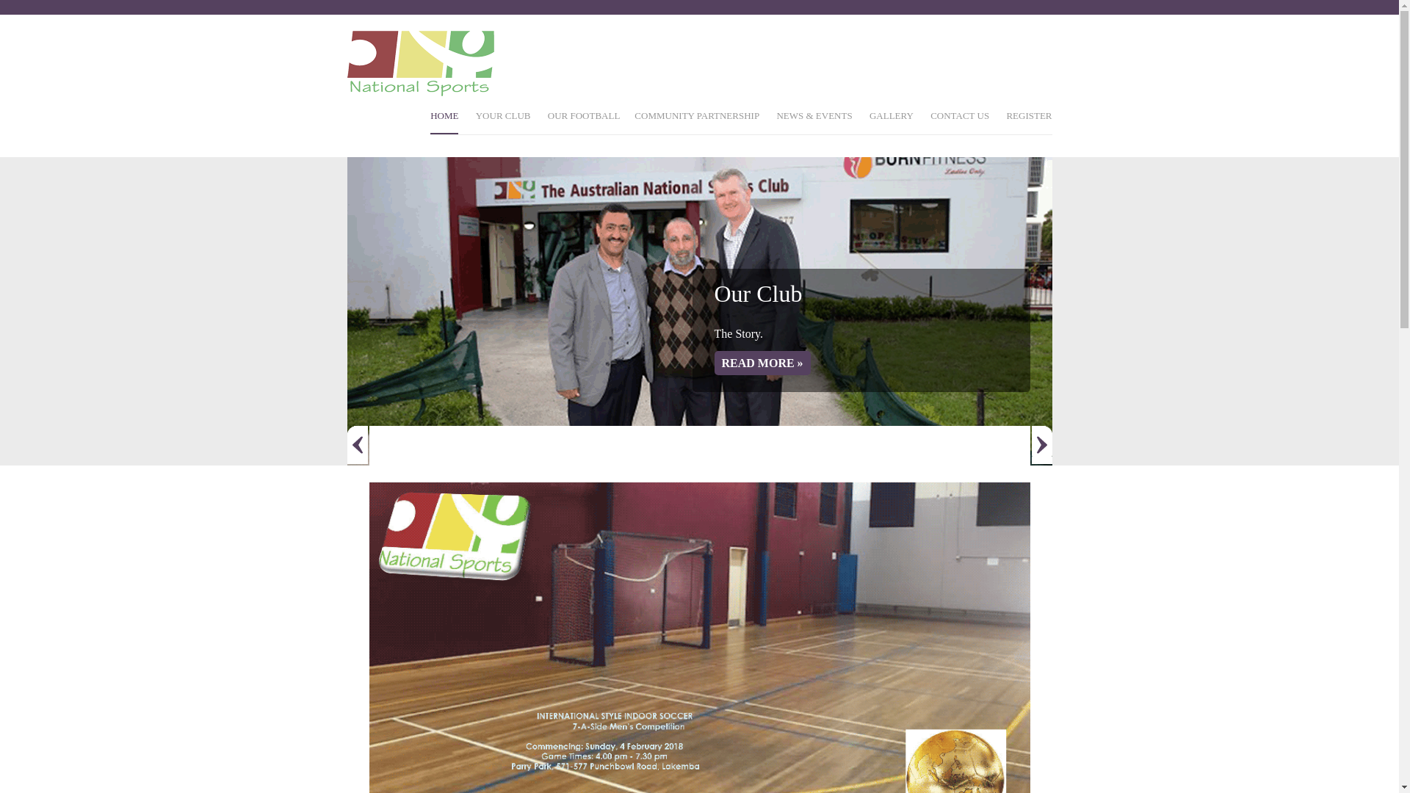  I want to click on 'Next', so click(1040, 443).